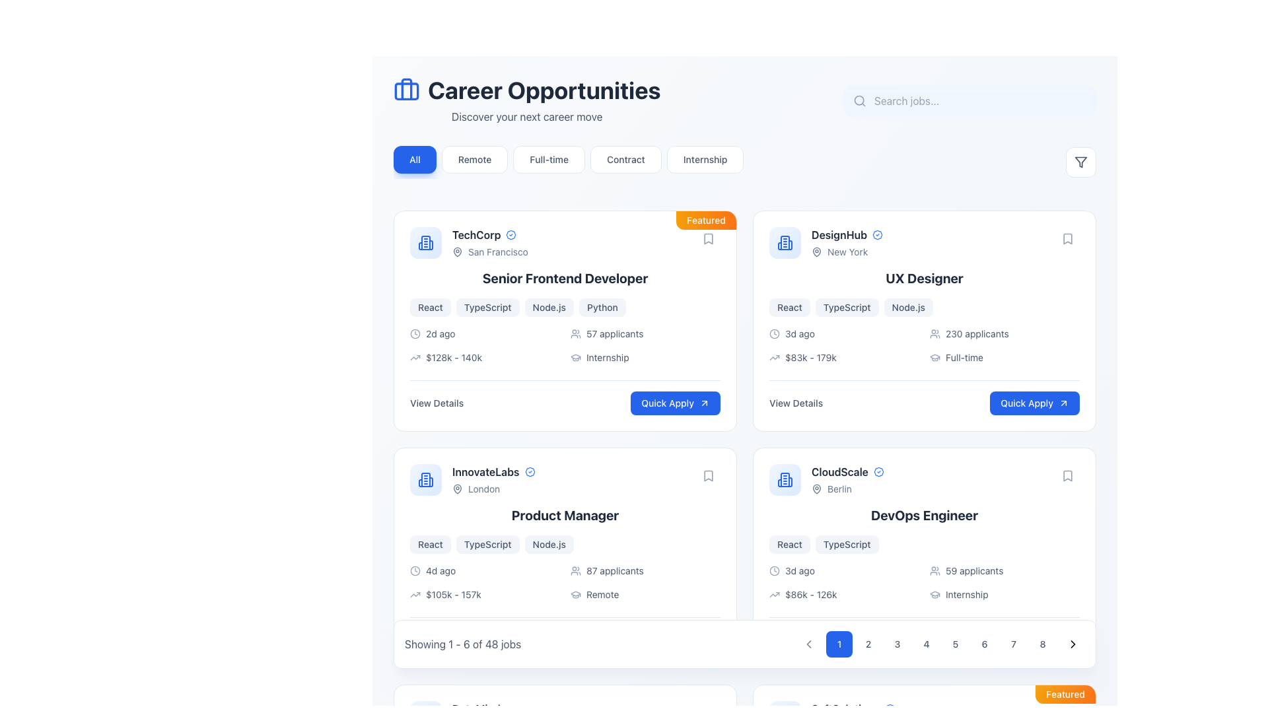  Describe the element at coordinates (859, 100) in the screenshot. I see `the search icon, which is represented by a modern gray magnifying glass, located in the top-right section of the page inside a search bar` at that location.